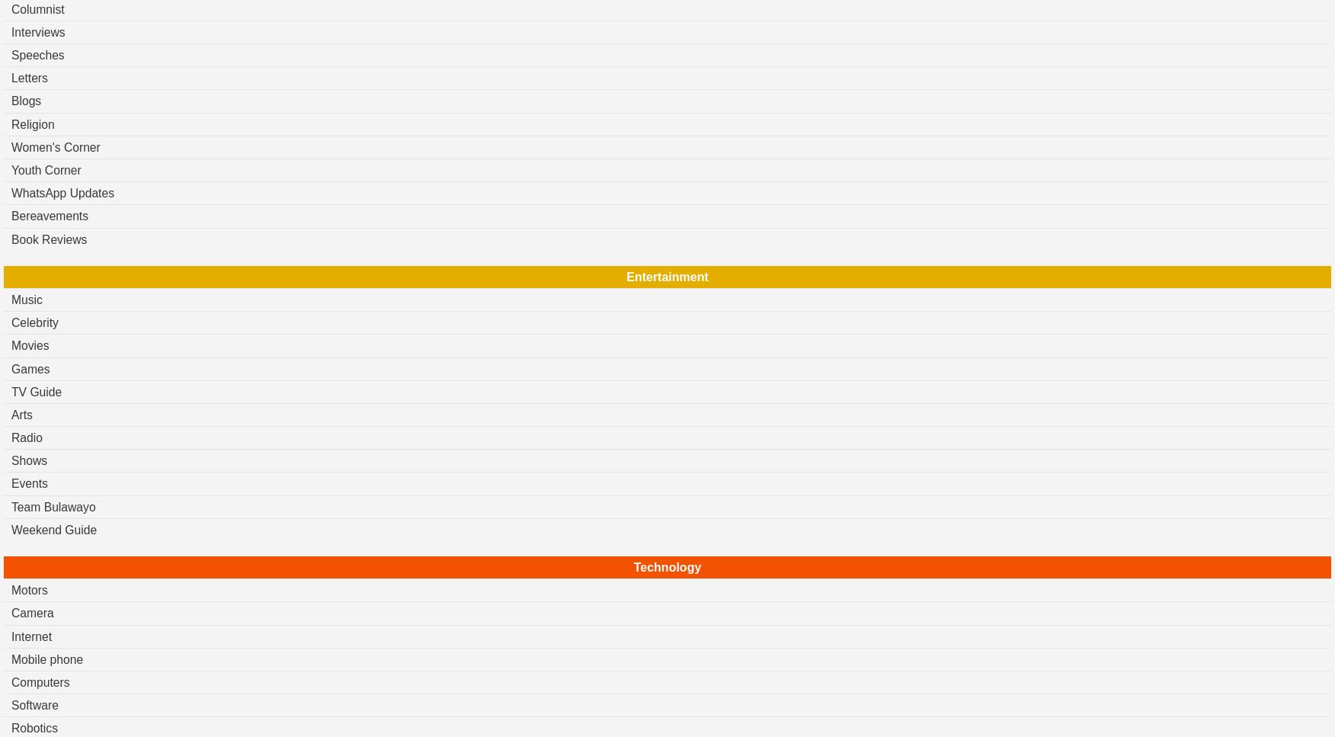 This screenshot has height=737, width=1335. Describe the element at coordinates (30, 345) in the screenshot. I see `'Movies'` at that location.